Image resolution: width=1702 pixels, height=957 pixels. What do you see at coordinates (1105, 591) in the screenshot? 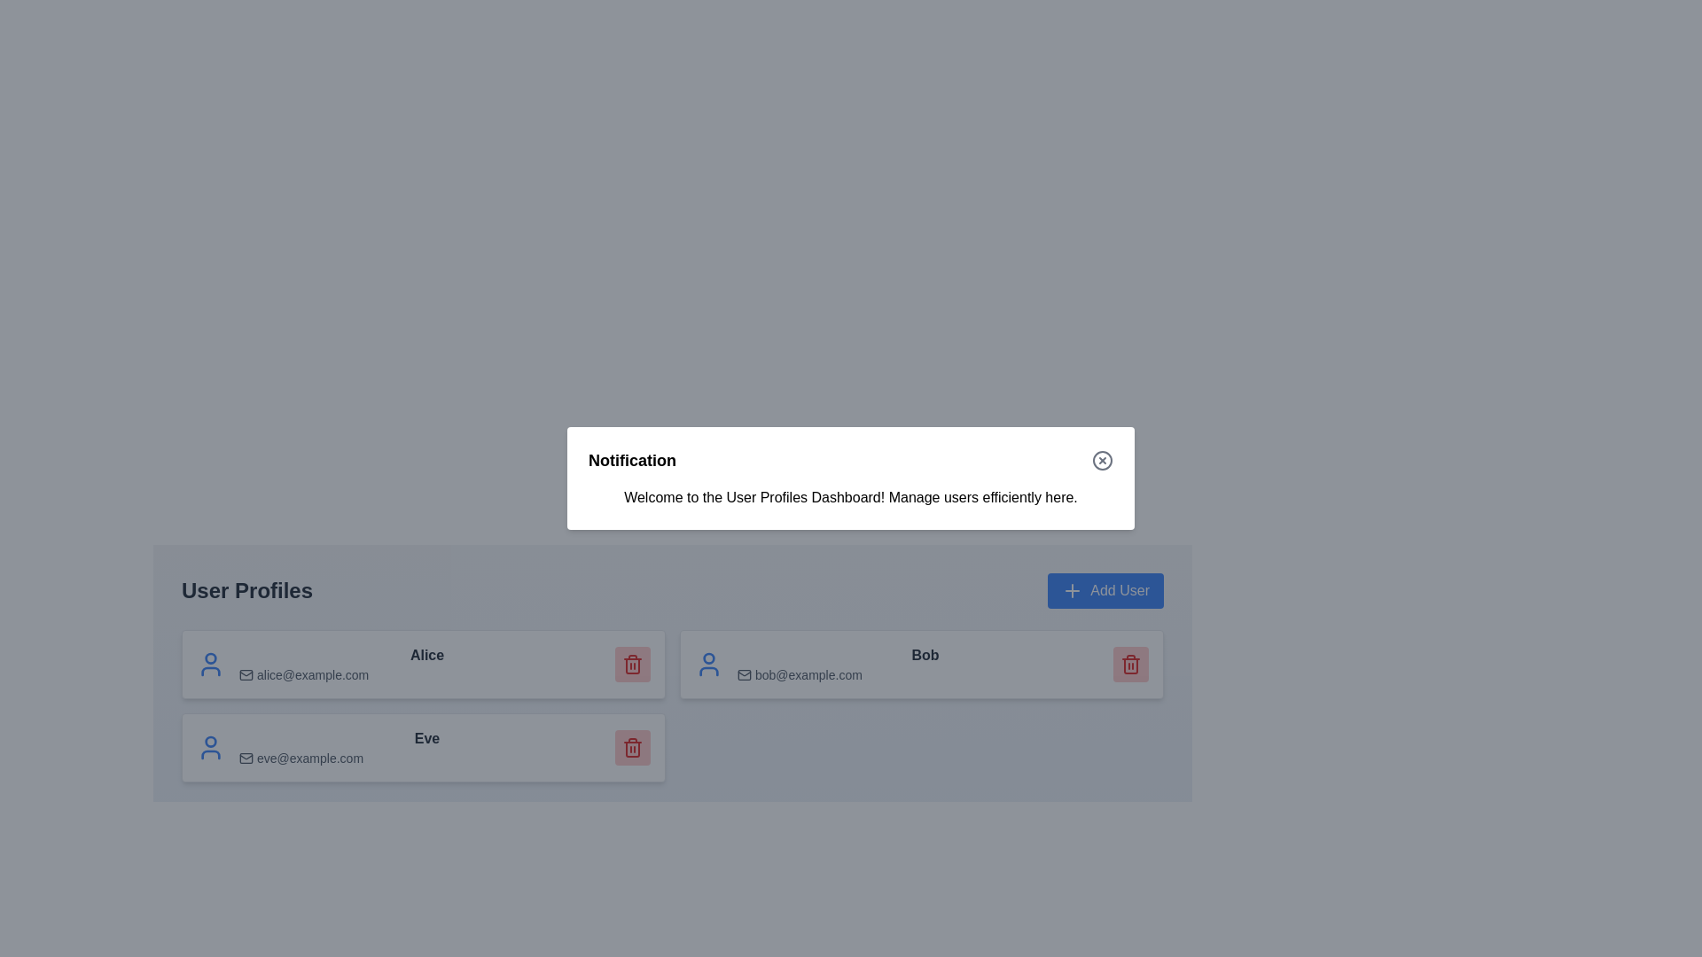
I see `the blue button labeled 'Add User'` at bounding box center [1105, 591].